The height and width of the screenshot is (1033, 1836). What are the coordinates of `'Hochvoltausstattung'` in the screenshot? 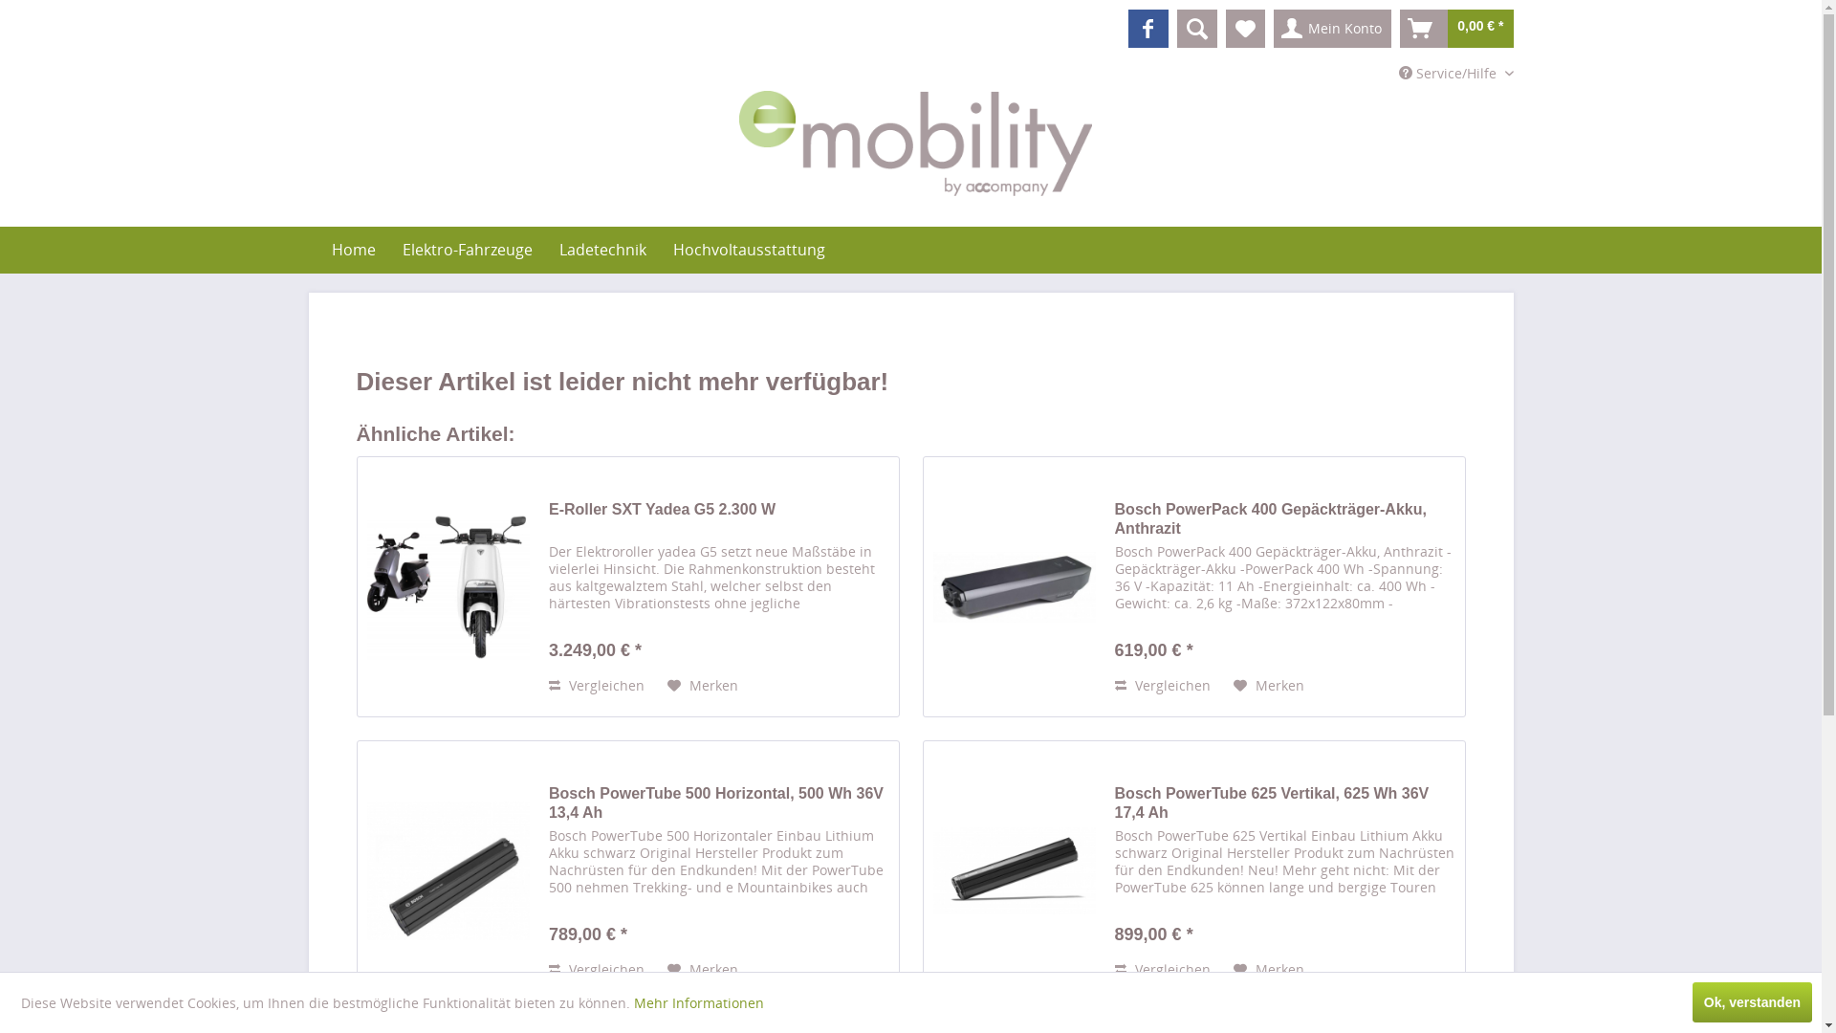 It's located at (748, 249).